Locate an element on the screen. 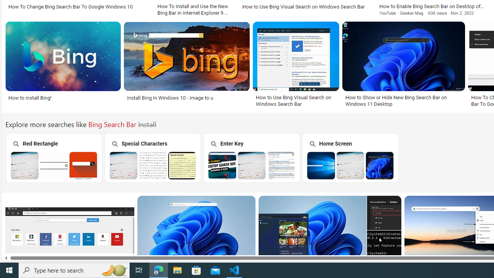 The width and height of the screenshot is (494, 278). 'Bing Search Bar Special Characters' is located at coordinates (153, 165).